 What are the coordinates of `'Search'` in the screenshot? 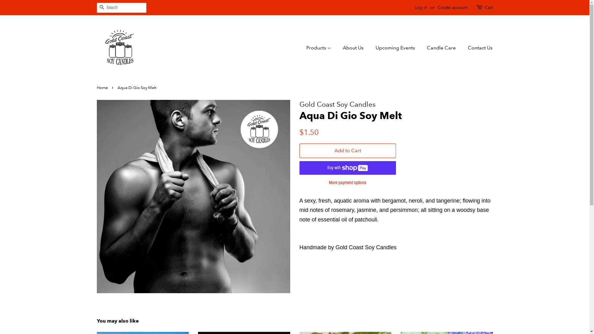 It's located at (101, 8).